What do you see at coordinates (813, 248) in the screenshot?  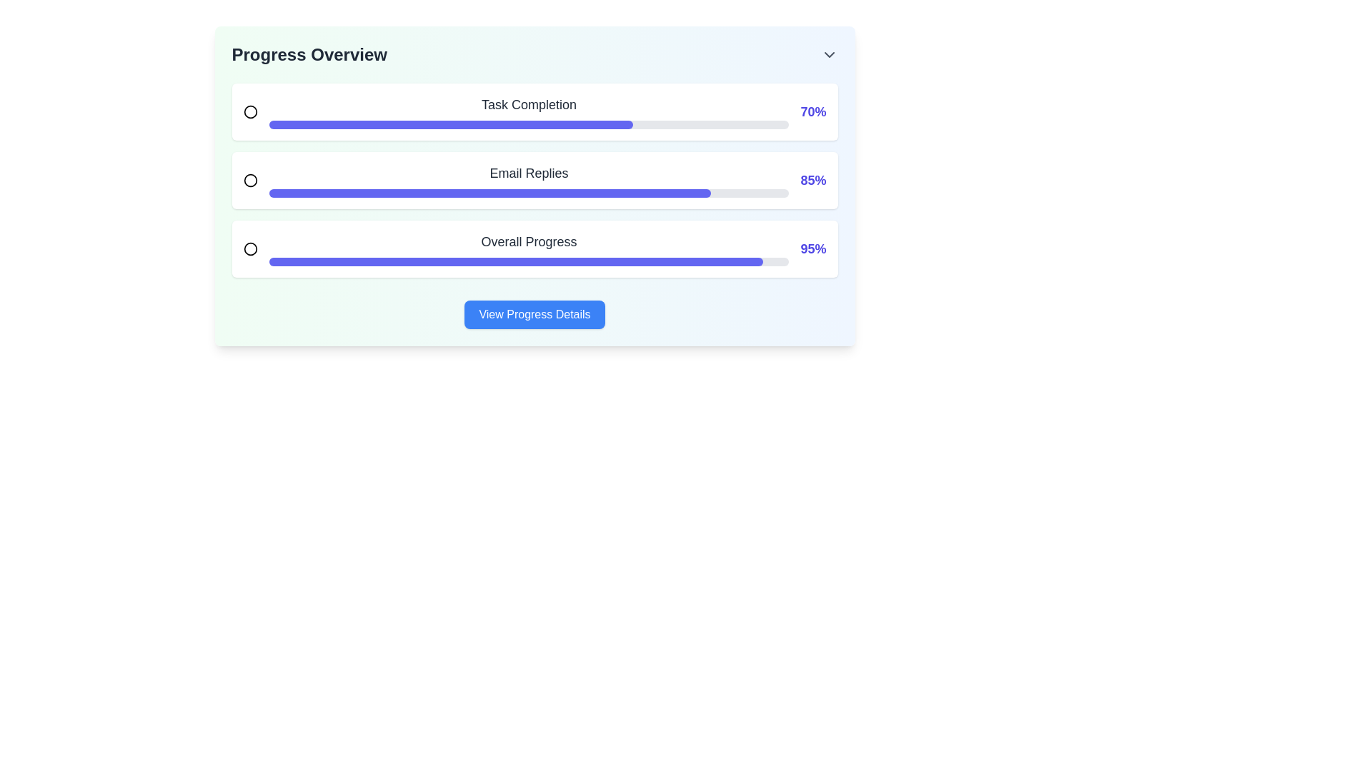 I see `the bold, medium-sized, indigo-colored text displaying '95%' located at the right edge of the 'Overall Progress' section` at bounding box center [813, 248].